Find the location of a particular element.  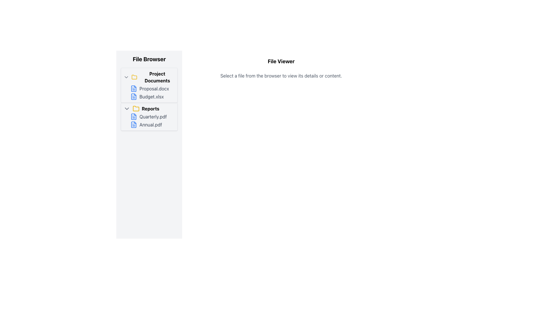

the file icon representing 'Quarterly.pdf' located in the 'Reports' group of the file browser interface is located at coordinates (133, 116).